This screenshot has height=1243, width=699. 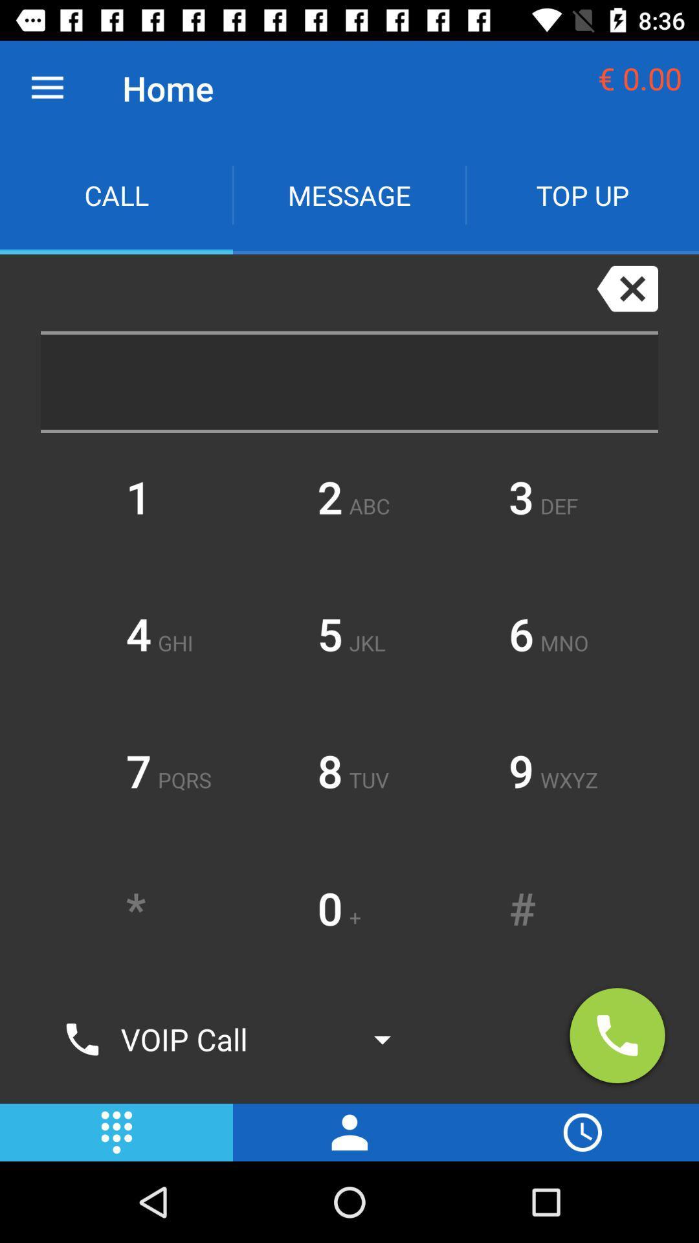 I want to click on the icon to the right of call, so click(x=349, y=194).